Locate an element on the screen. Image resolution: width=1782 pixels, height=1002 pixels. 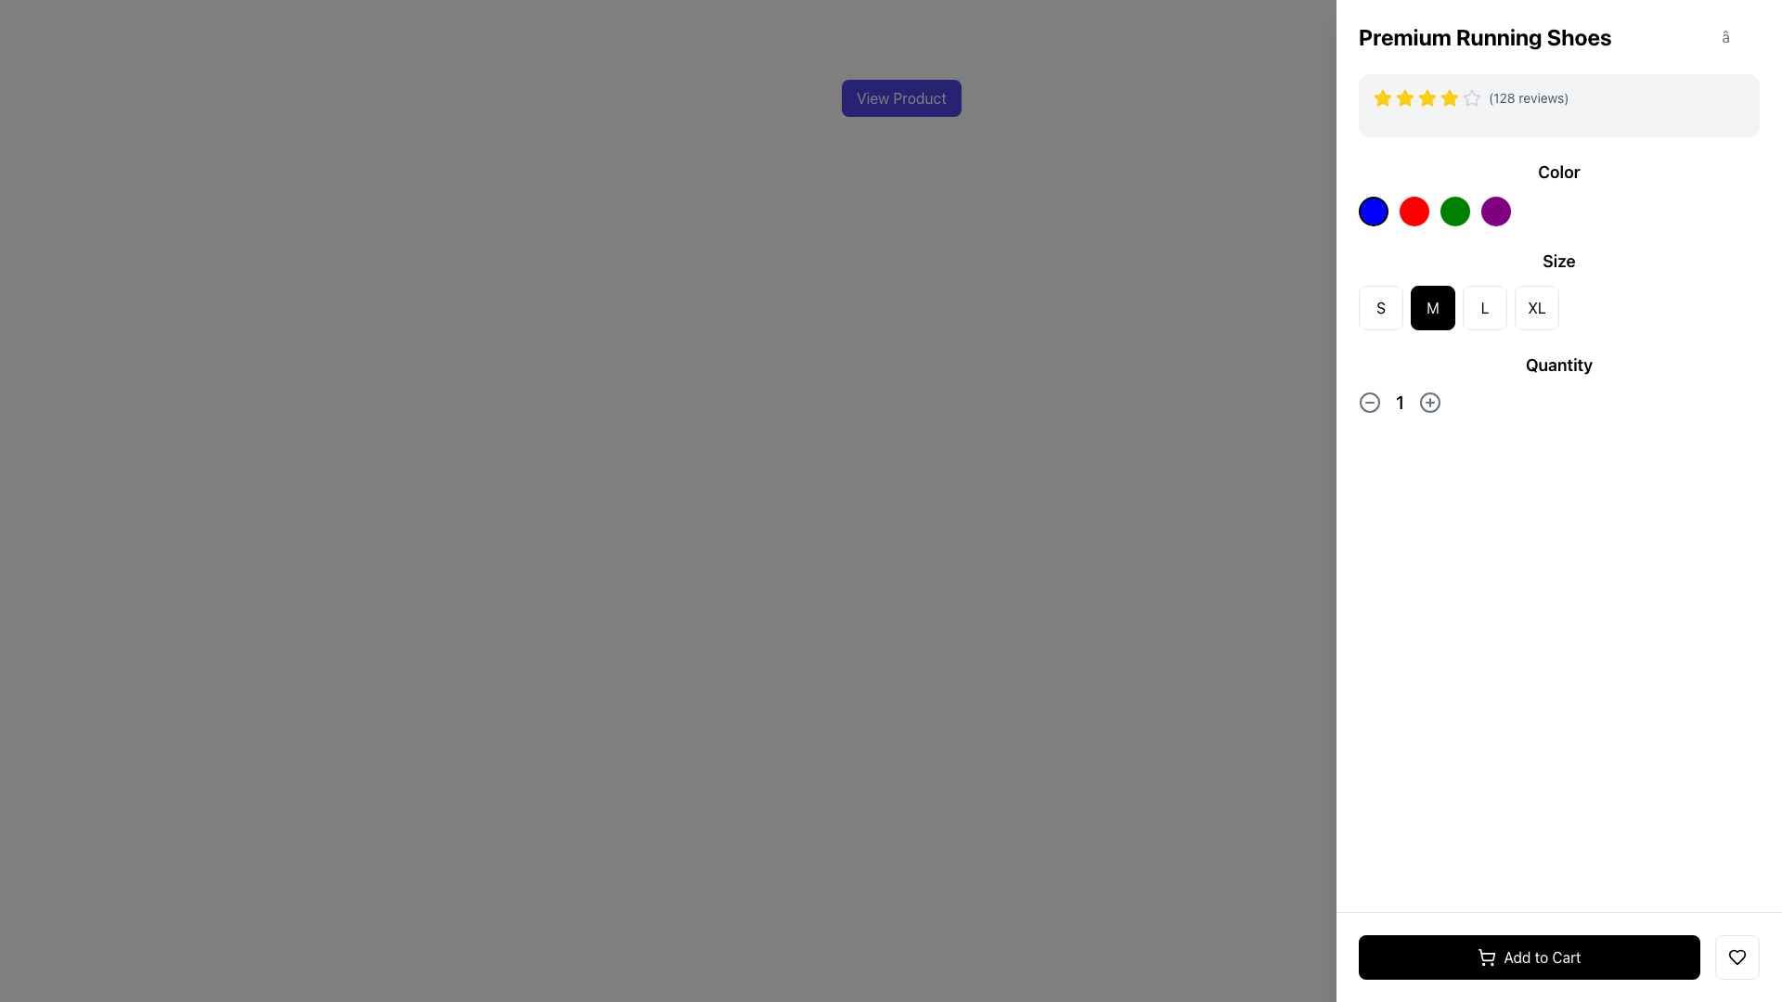
the selected button labeled 'M', which has a black background and white text is located at coordinates (1432, 306).